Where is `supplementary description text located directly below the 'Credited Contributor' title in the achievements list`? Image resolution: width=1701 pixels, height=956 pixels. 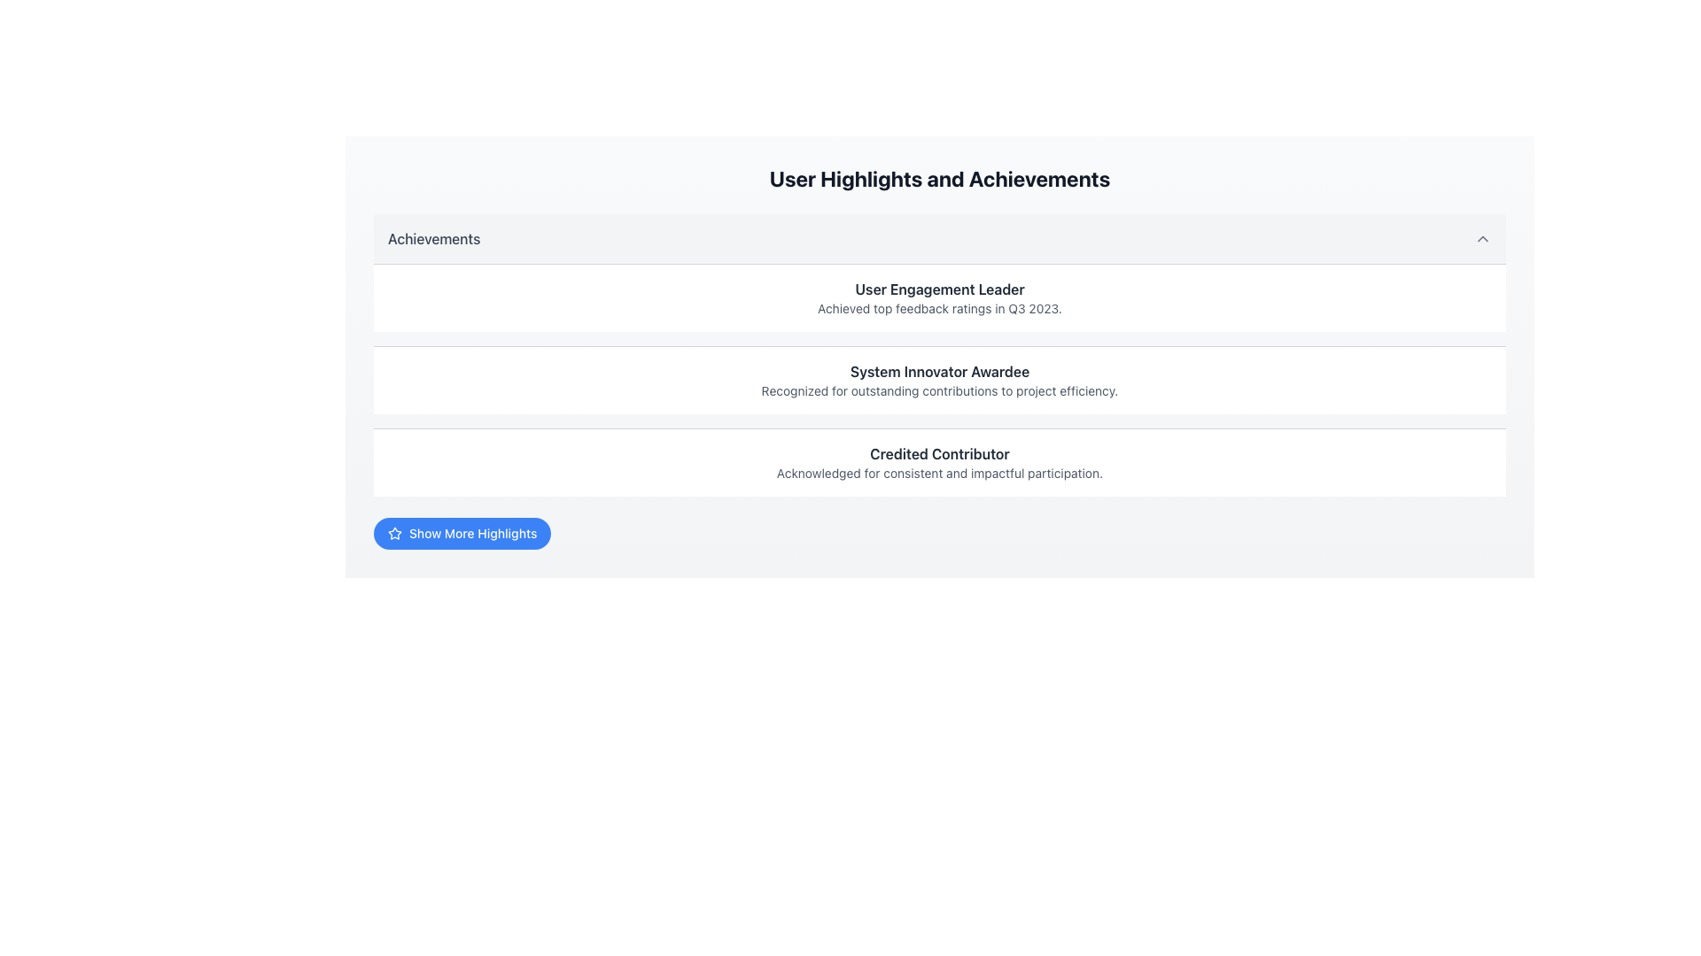
supplementary description text located directly below the 'Credited Contributor' title in the achievements list is located at coordinates (938, 473).